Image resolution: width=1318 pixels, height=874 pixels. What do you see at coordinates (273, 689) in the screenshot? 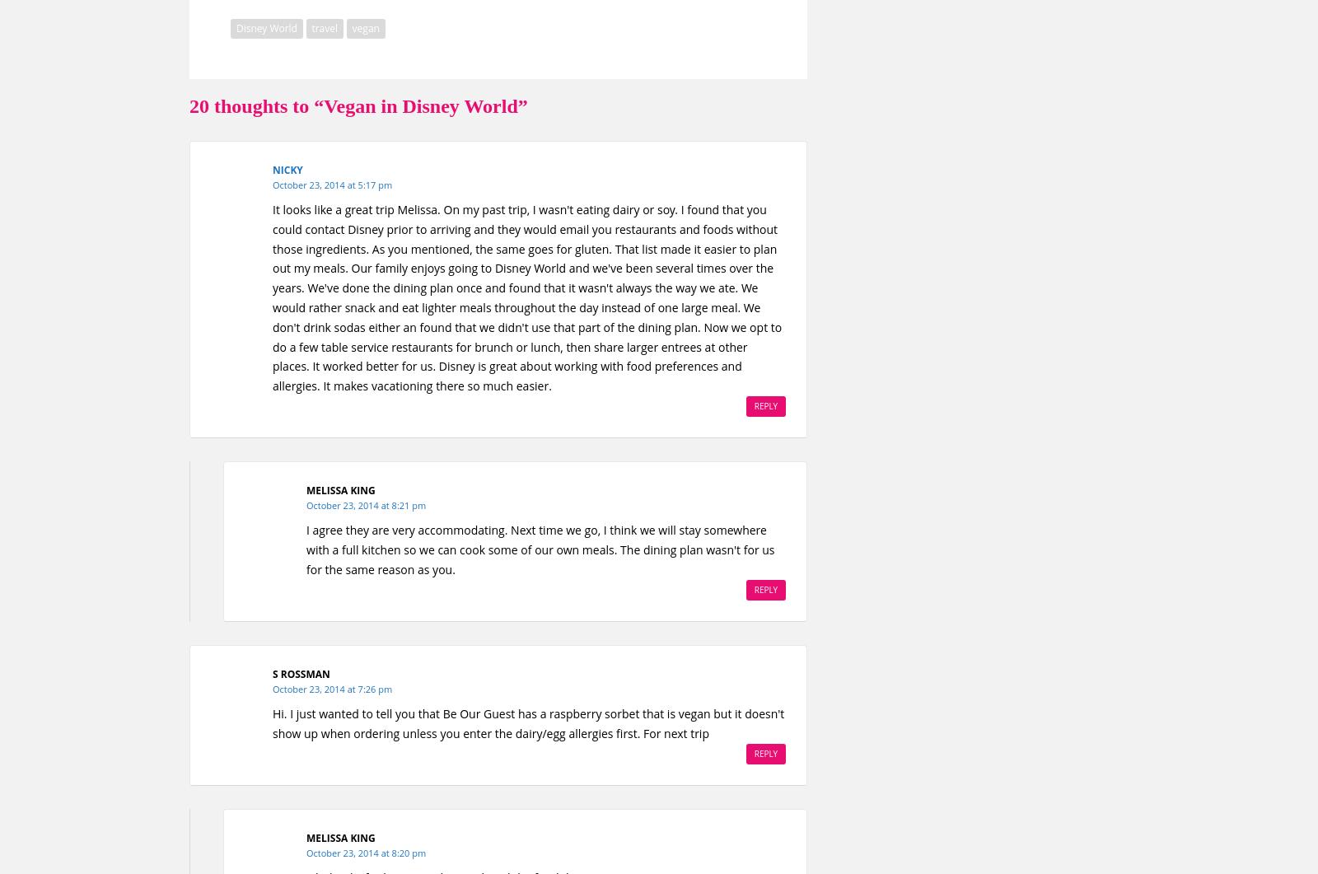
I see `'October 23, 2014 at 7:26 pm'` at bounding box center [273, 689].